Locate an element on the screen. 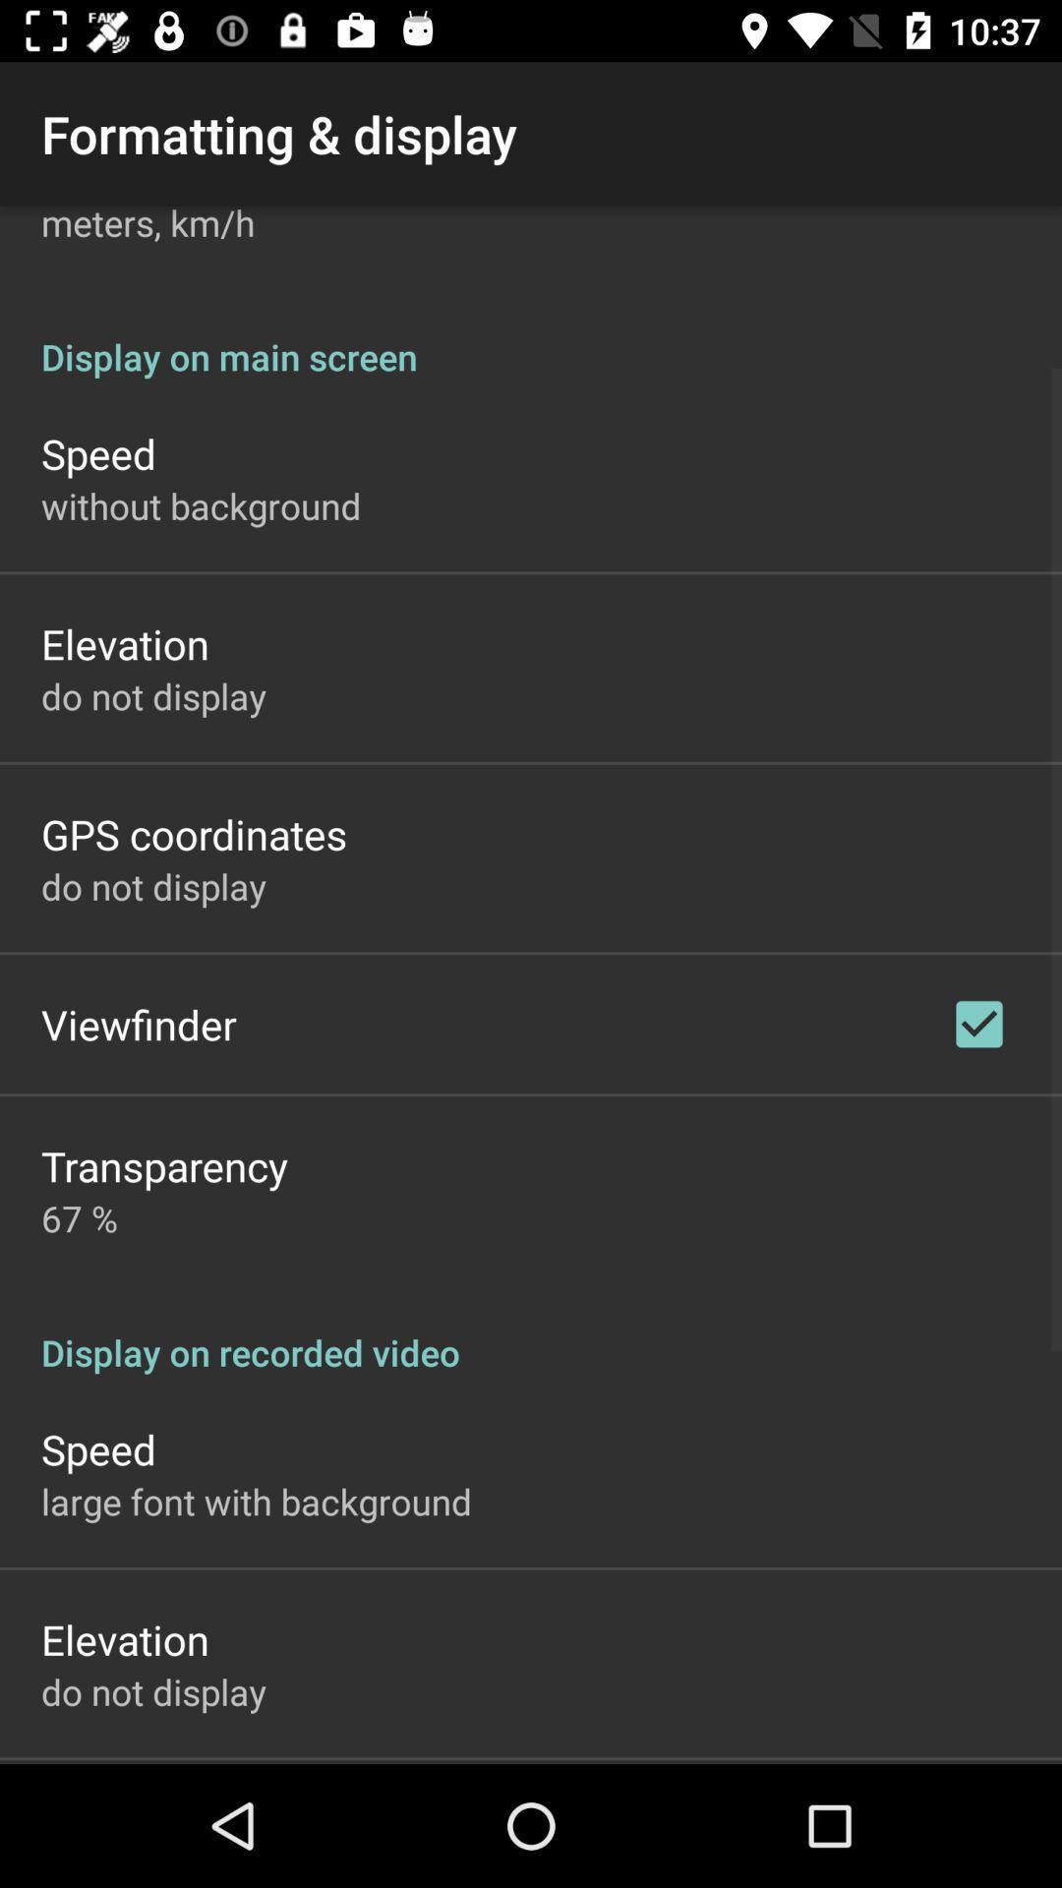 This screenshot has width=1062, height=1888. the without background icon is located at coordinates (201, 505).